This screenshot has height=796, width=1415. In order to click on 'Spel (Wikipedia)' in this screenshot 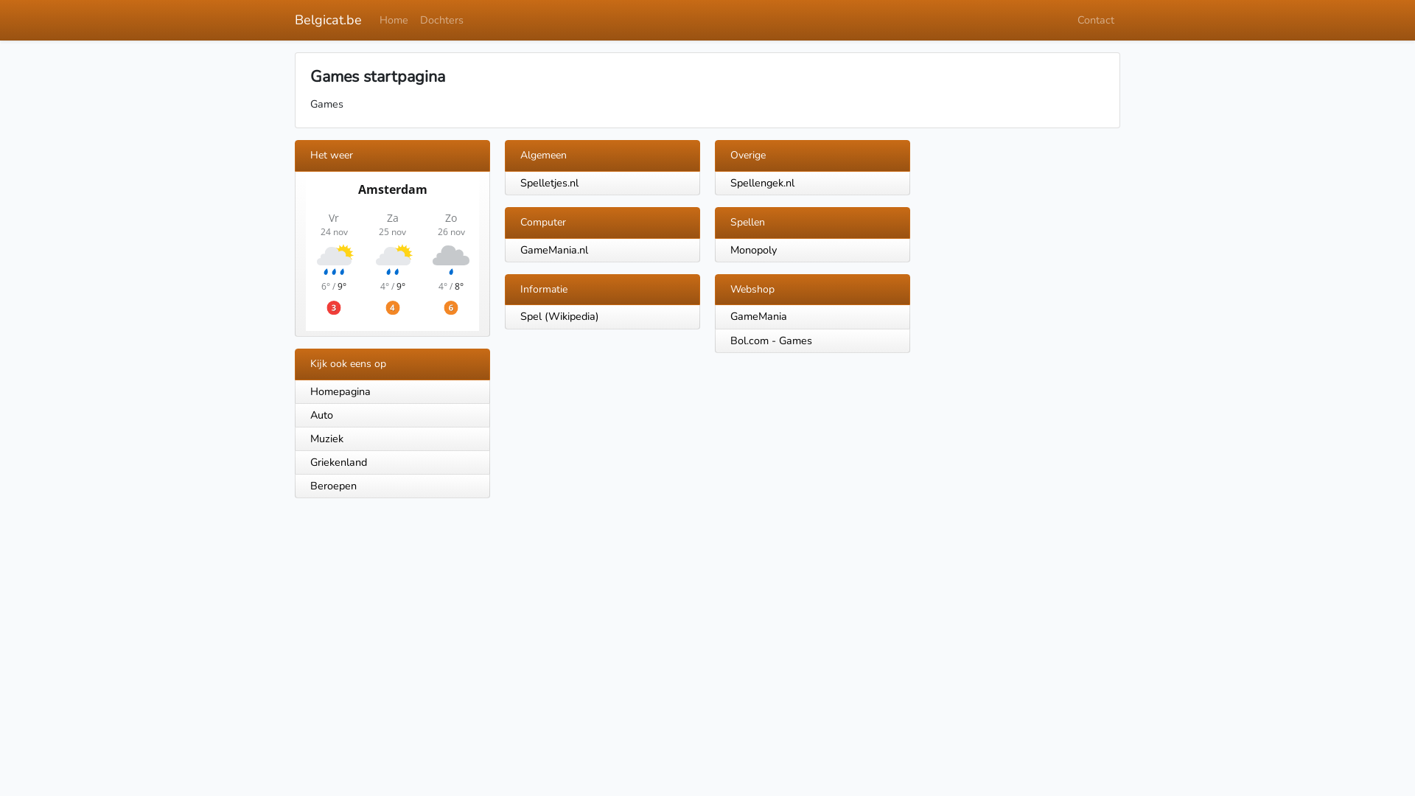, I will do `click(559, 315)`.